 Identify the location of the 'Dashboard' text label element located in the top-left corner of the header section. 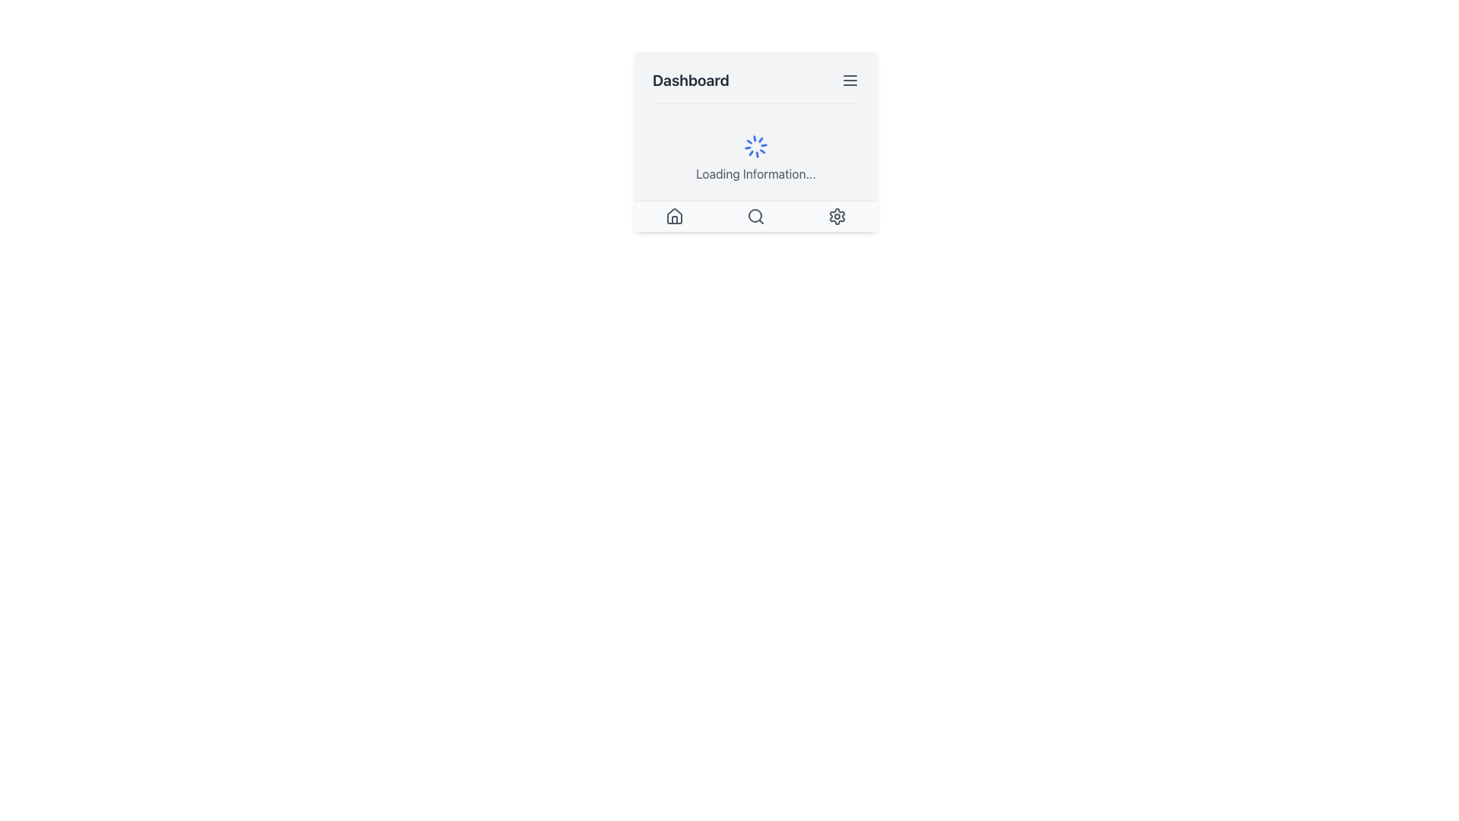
(690, 80).